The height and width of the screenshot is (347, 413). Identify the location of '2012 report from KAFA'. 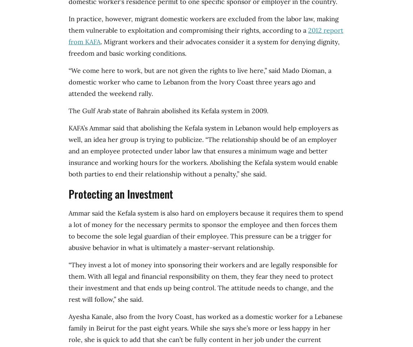
(68, 36).